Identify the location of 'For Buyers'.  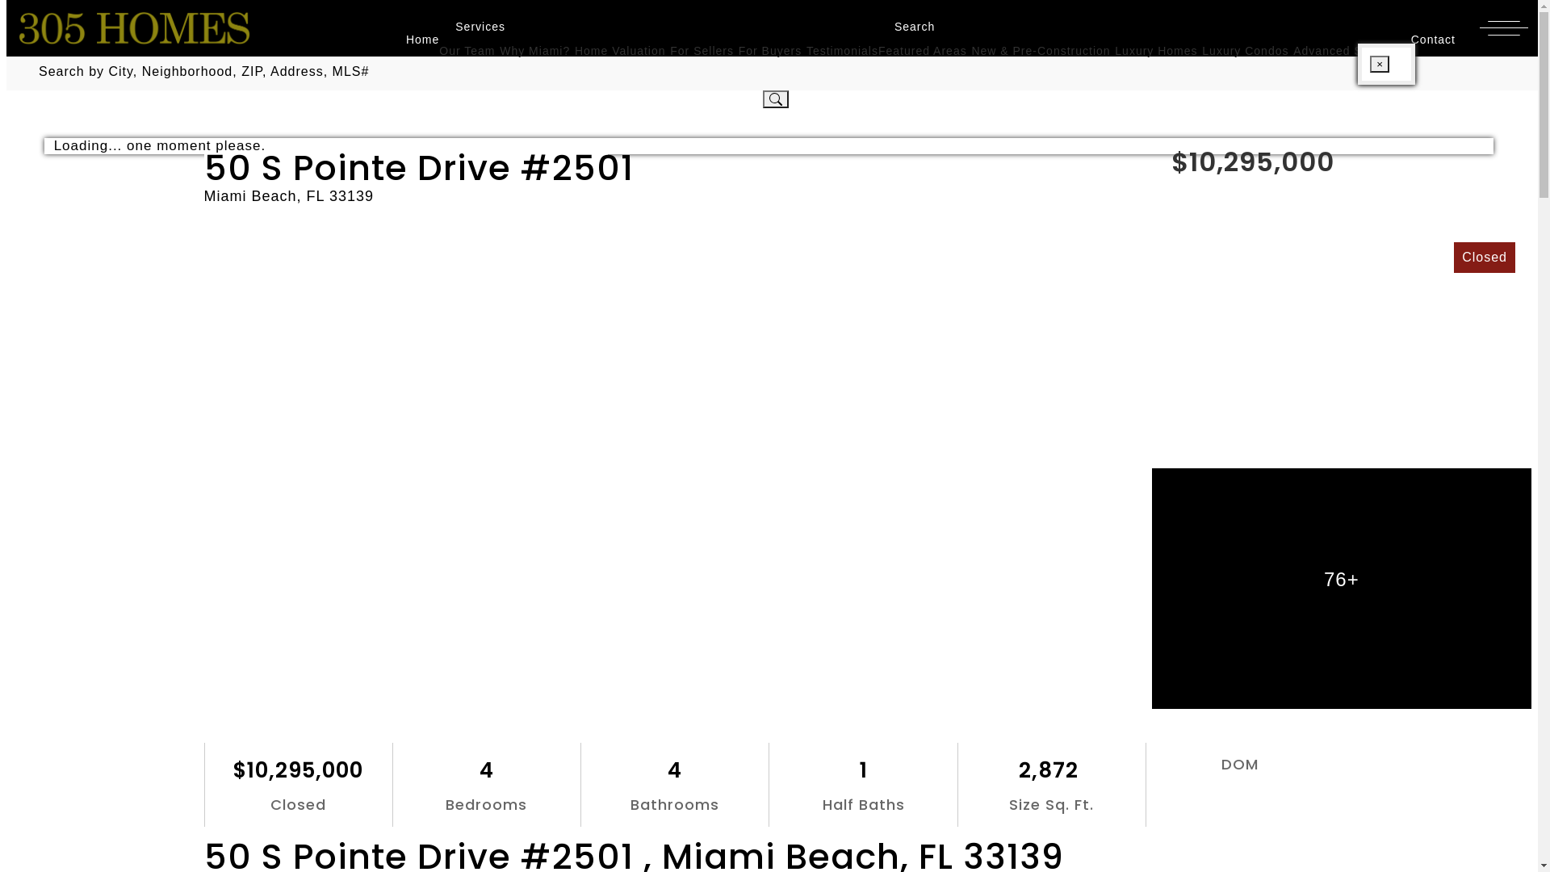
(769, 49).